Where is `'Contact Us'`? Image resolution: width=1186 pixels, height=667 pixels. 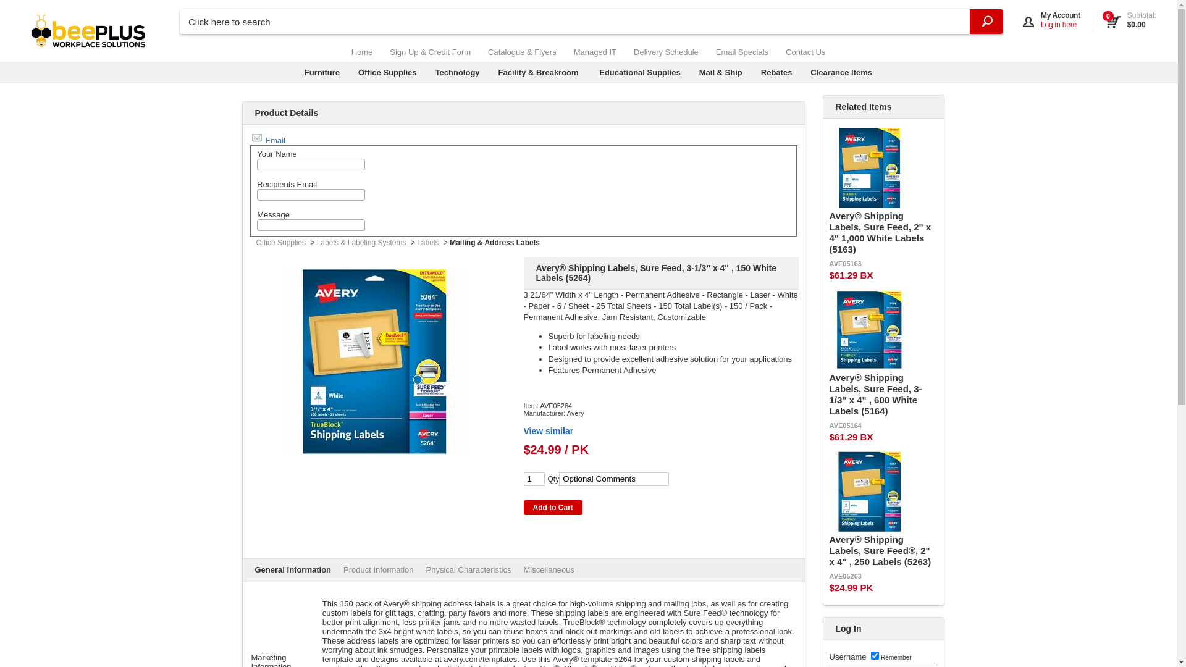
'Contact Us' is located at coordinates (805, 51).